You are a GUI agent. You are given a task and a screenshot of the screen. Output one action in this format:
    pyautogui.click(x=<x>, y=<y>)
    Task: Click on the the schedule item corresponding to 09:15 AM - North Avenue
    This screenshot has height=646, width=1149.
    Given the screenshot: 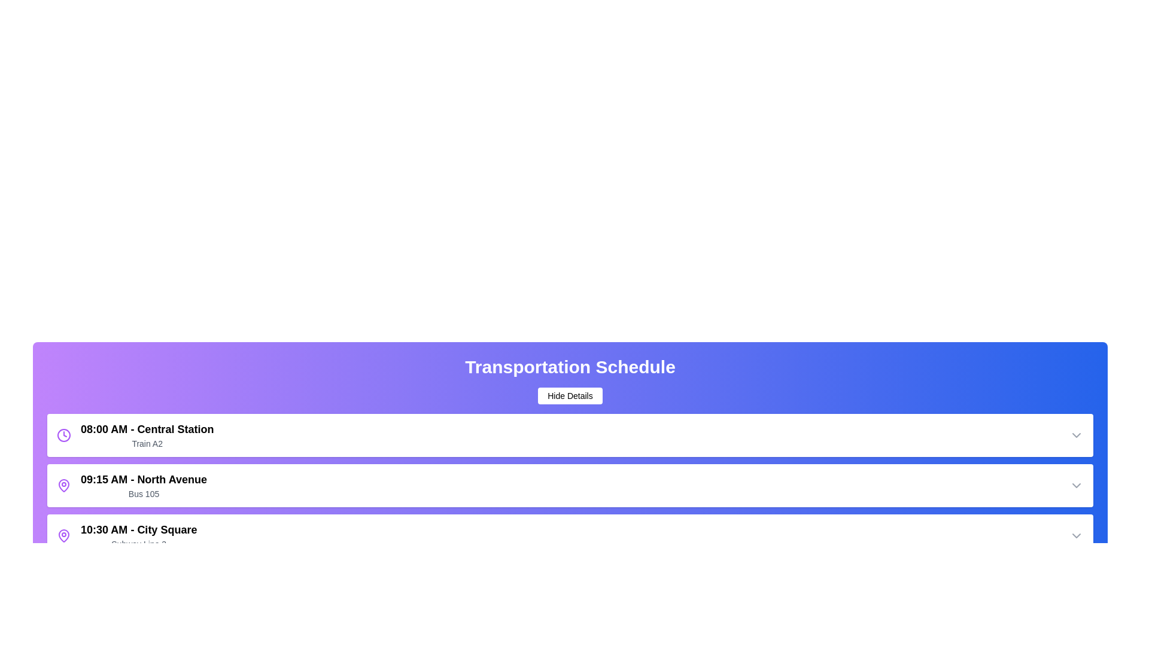 What is the action you would take?
    pyautogui.click(x=570, y=486)
    